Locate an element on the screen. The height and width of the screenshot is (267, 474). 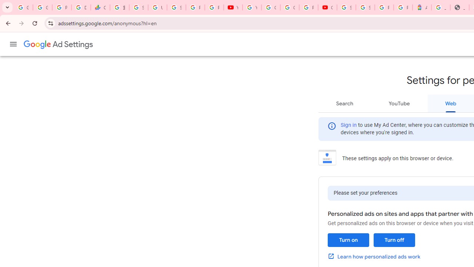
'Ad Settings' is located at coordinates (58, 44).